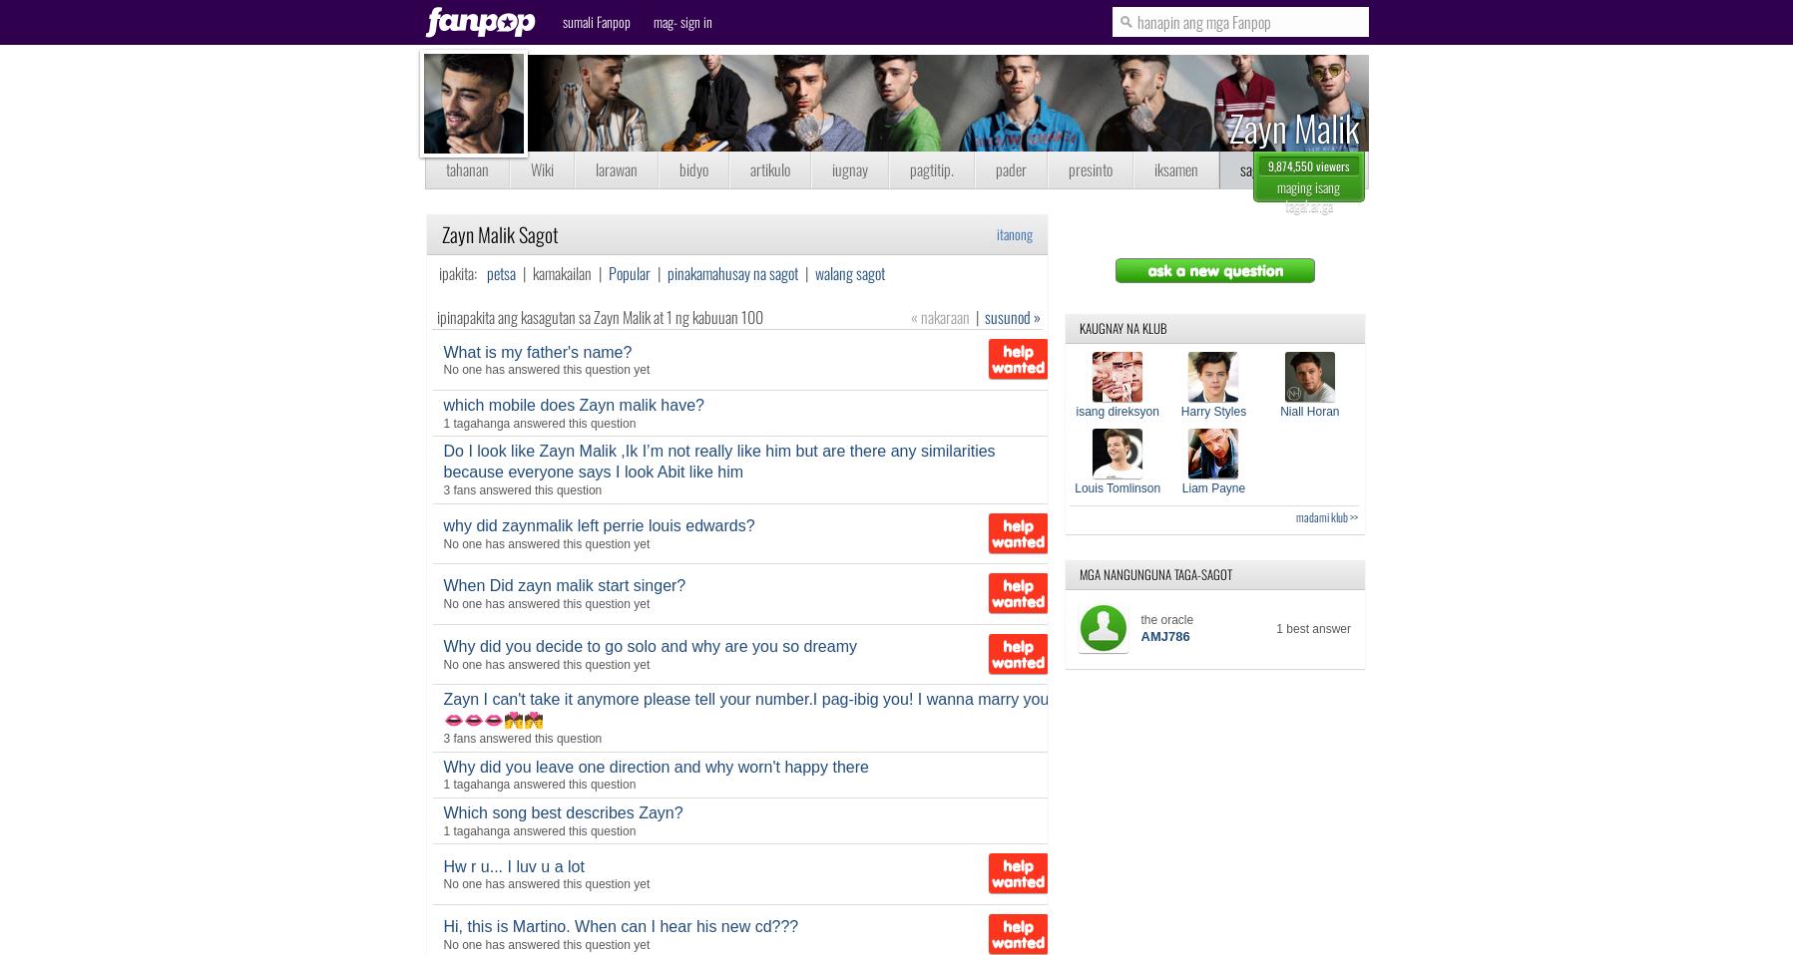 The width and height of the screenshot is (1793, 955). I want to click on 'pagtitip.', so click(931, 166).